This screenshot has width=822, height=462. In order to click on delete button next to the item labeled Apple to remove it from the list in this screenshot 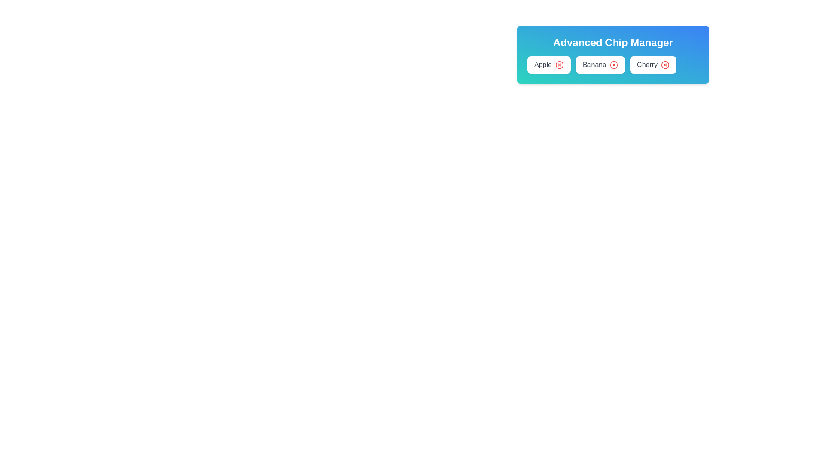, I will do `click(559, 64)`.